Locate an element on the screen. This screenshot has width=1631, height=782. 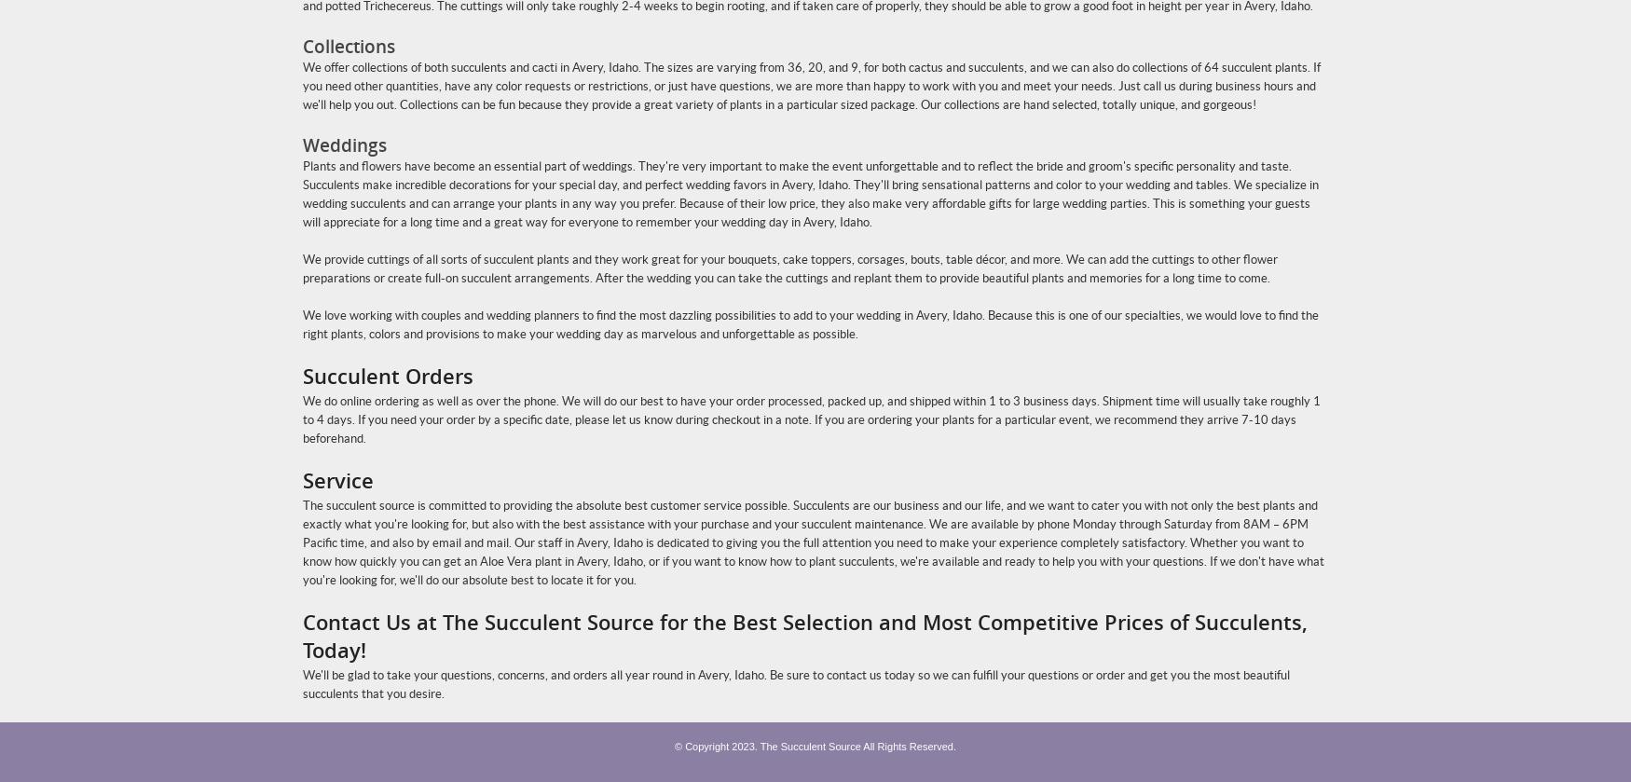
'Succulent Orders' is located at coordinates (387, 376).